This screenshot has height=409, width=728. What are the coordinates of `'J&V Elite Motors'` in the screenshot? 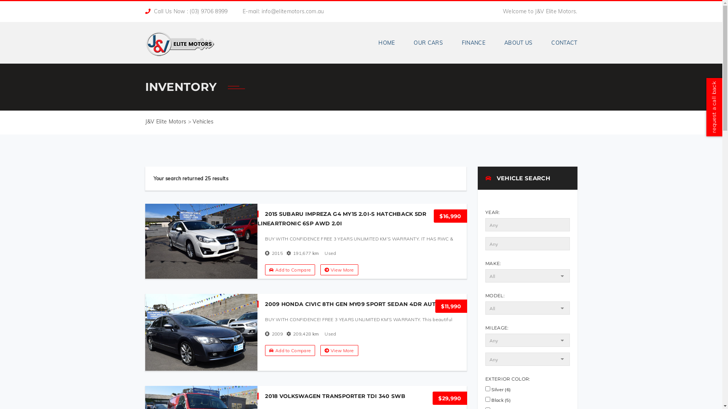 It's located at (179, 41).